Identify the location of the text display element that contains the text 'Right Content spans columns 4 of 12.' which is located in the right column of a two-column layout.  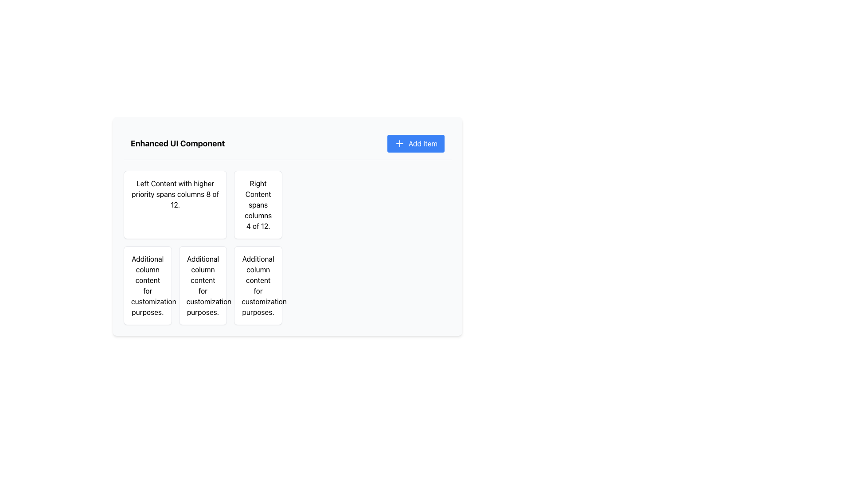
(258, 205).